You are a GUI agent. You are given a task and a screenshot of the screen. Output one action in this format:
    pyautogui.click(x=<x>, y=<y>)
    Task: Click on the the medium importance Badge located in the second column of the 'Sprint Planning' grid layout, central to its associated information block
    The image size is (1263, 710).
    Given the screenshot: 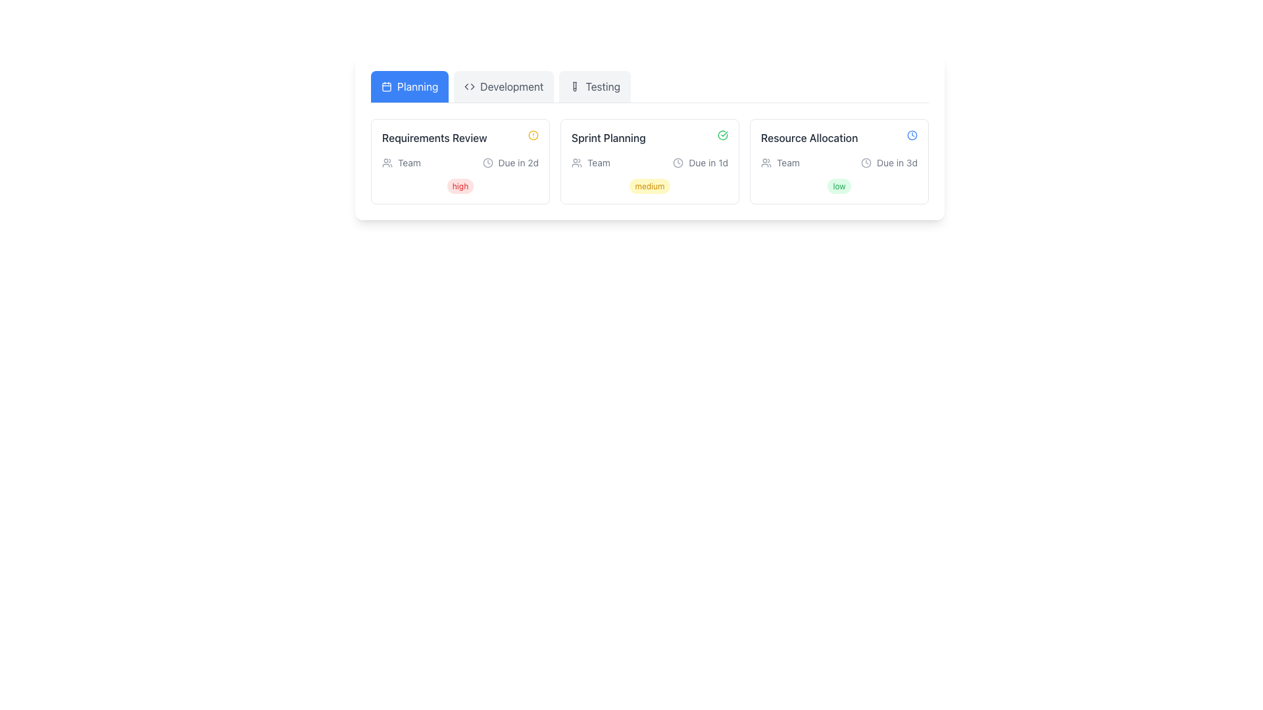 What is the action you would take?
    pyautogui.click(x=650, y=186)
    